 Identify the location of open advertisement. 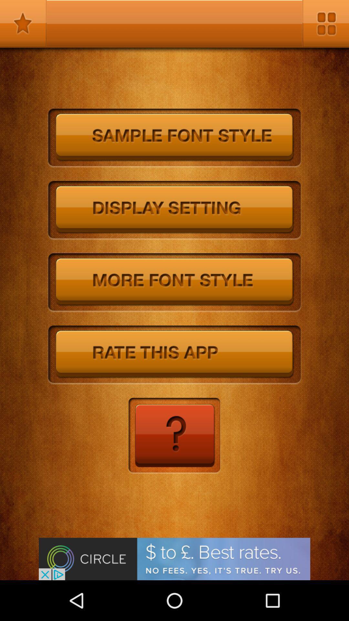
(174, 559).